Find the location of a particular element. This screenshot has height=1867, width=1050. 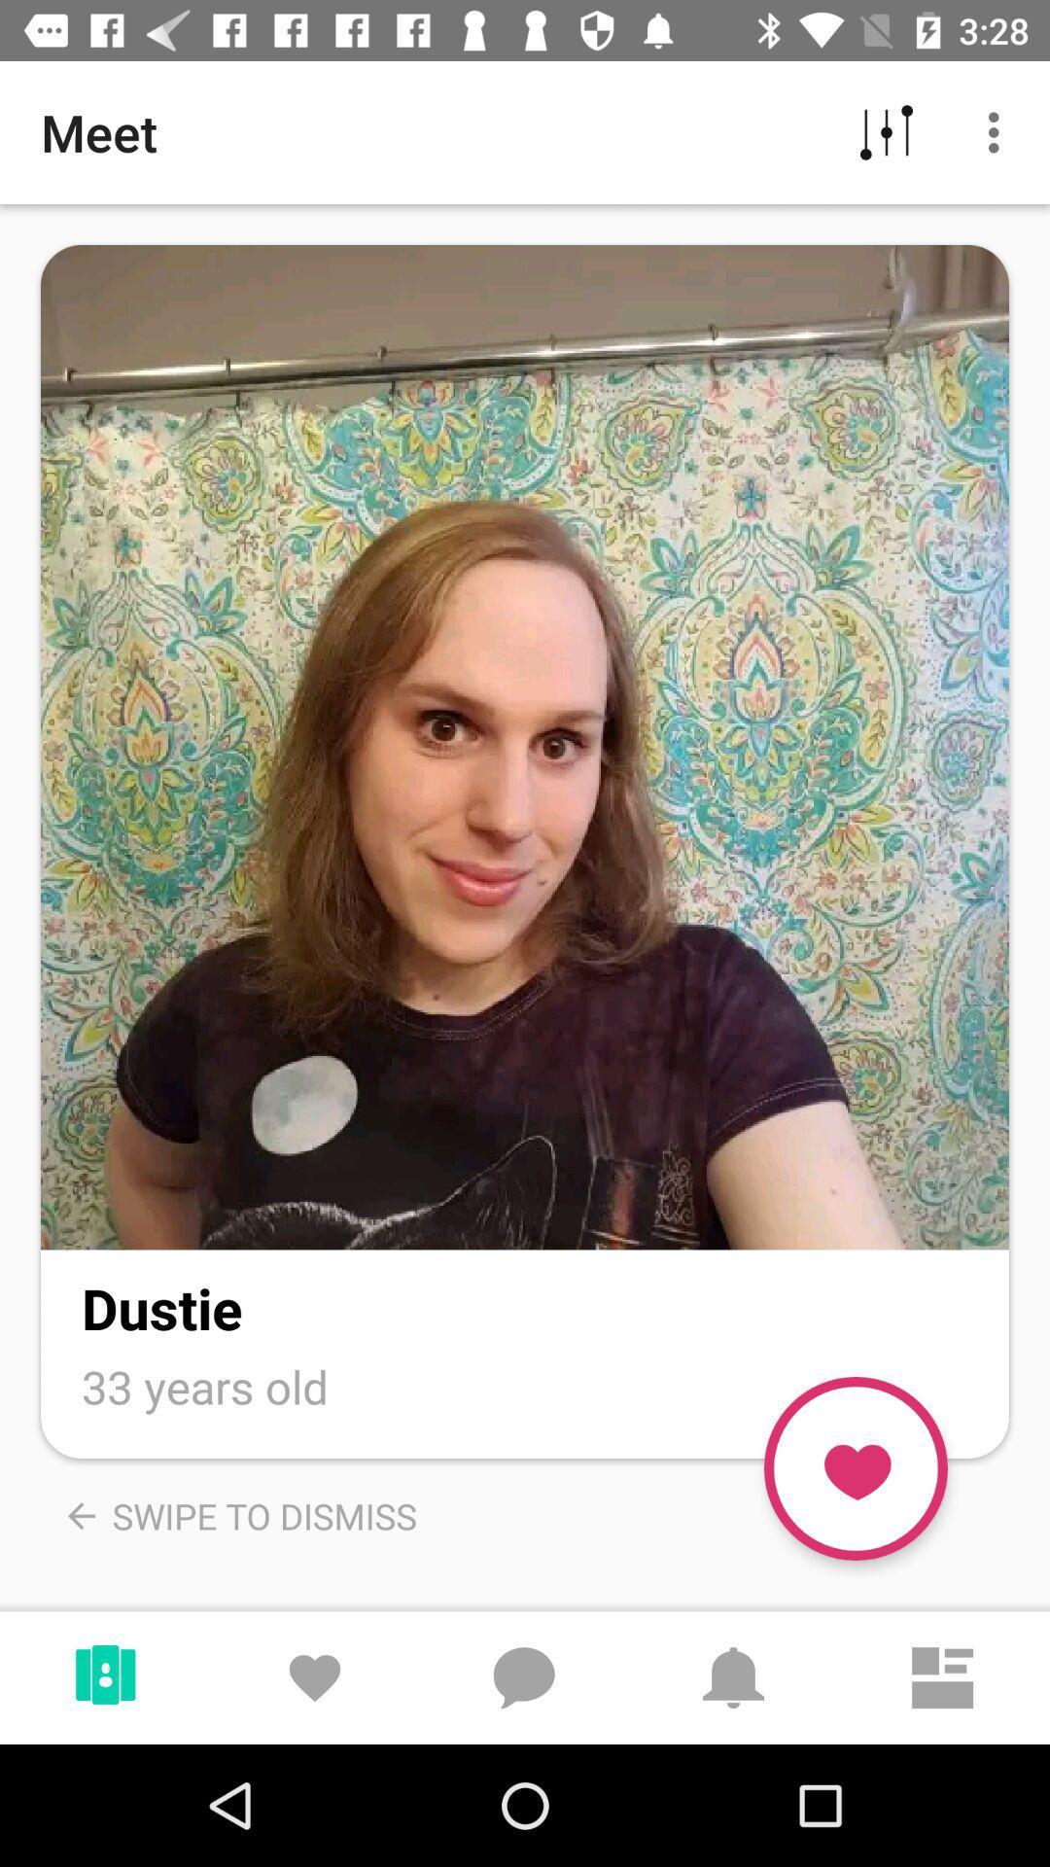

see pictures is located at coordinates (525, 746).